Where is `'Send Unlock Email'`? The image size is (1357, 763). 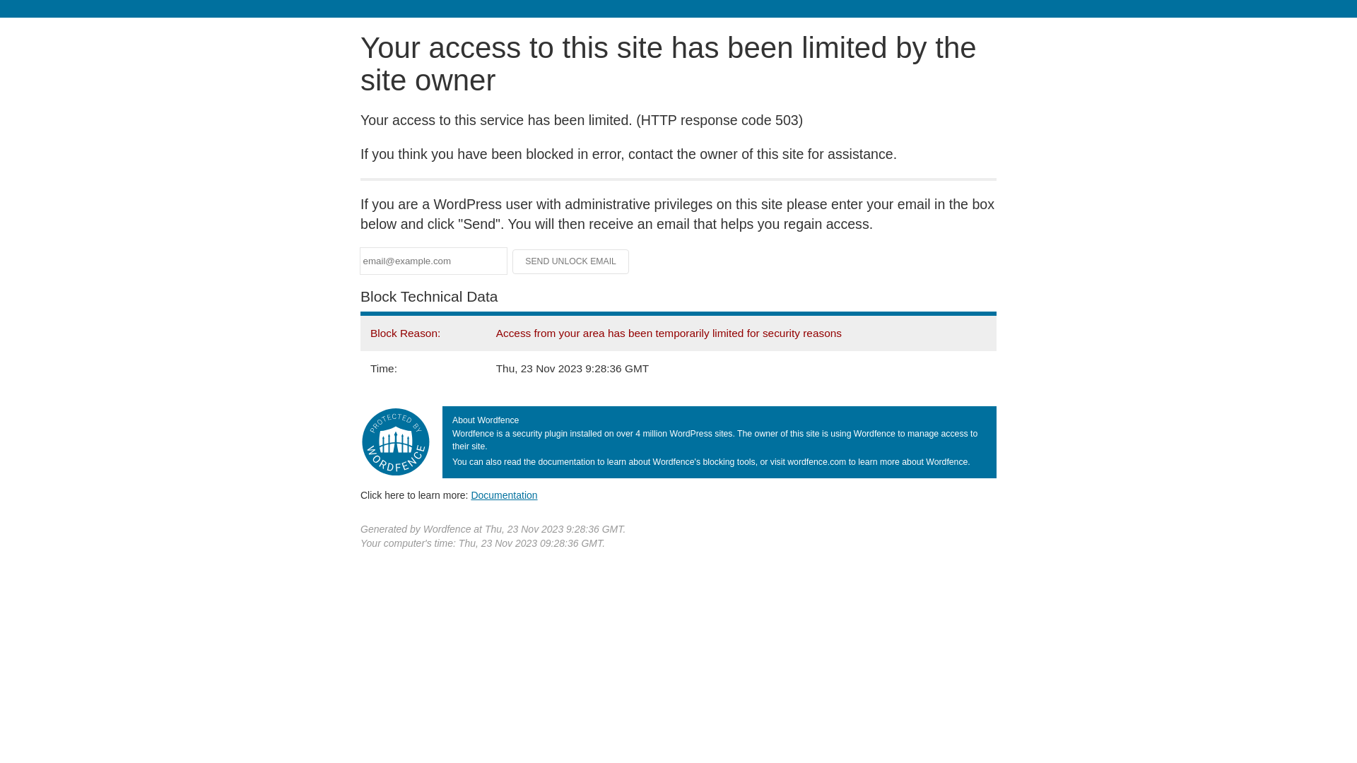
'Send Unlock Email' is located at coordinates (570, 261).